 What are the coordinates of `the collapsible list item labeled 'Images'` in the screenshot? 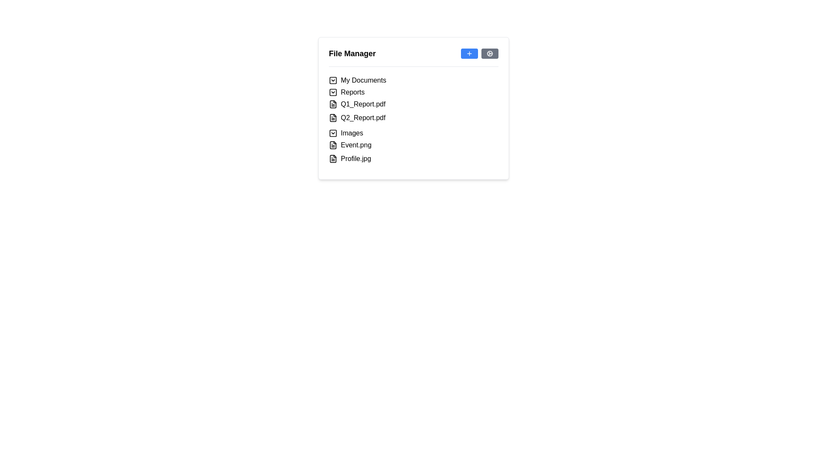 It's located at (413, 133).